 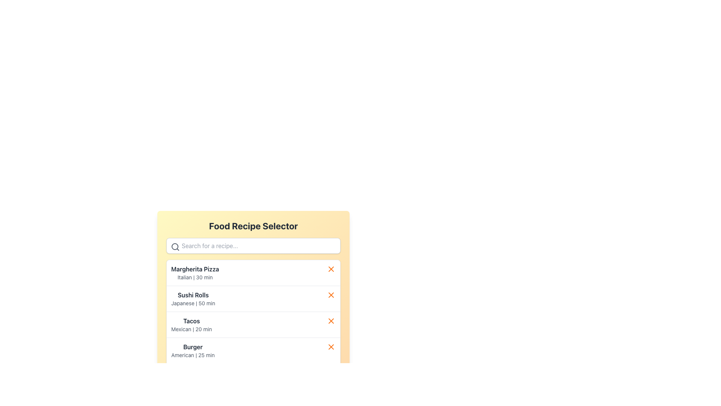 What do you see at coordinates (193, 295) in the screenshot?
I see `text displayed in the recipe text label that shows 'Sushi RollsJapanese | 50 min', which is the second recipe in the list` at bounding box center [193, 295].